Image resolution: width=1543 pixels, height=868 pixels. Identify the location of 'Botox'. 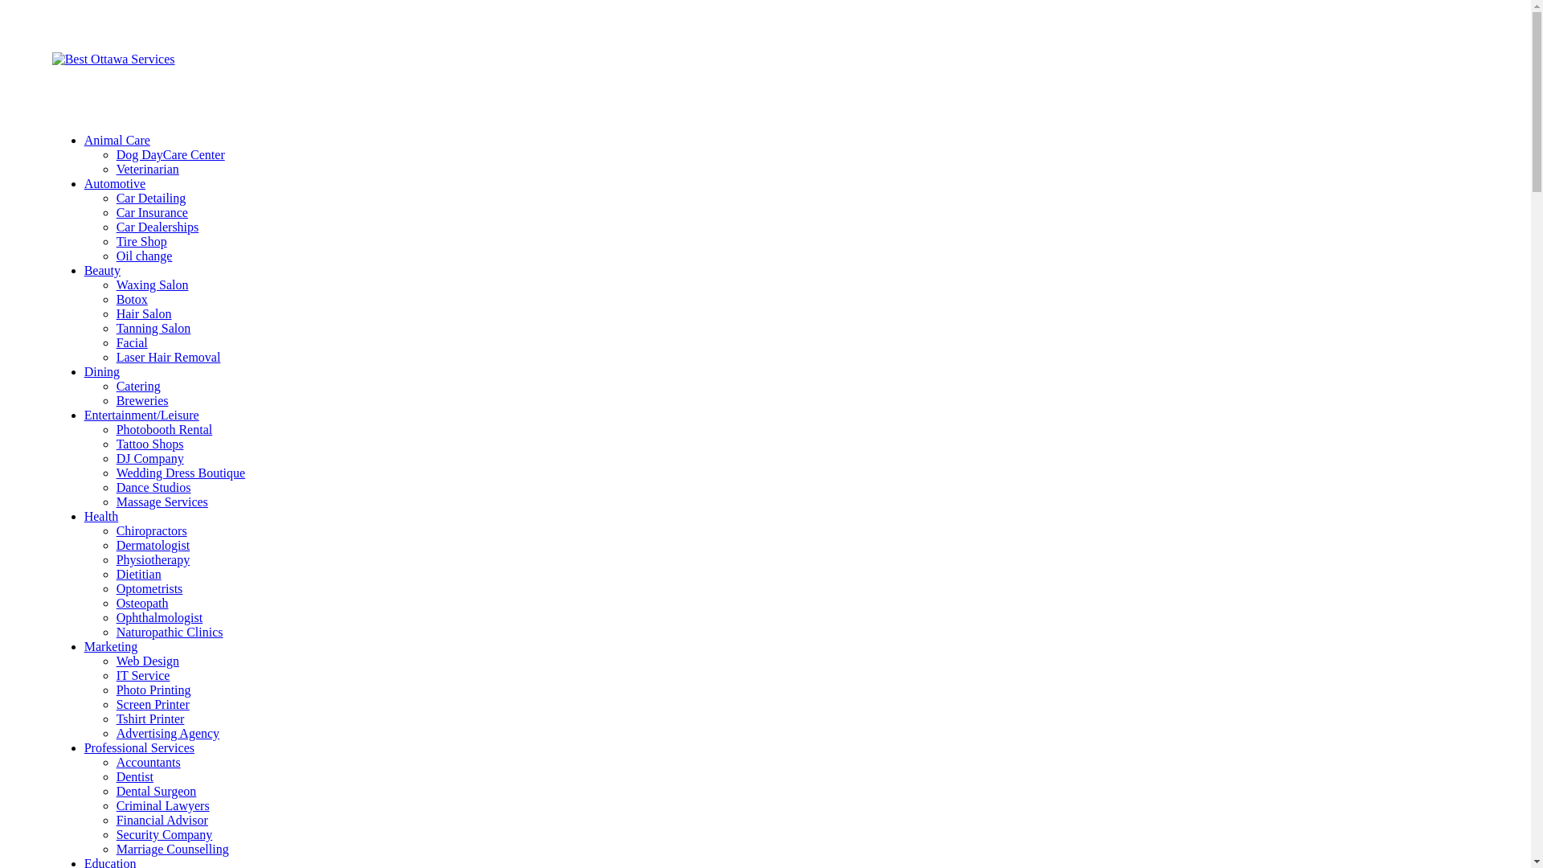
(132, 299).